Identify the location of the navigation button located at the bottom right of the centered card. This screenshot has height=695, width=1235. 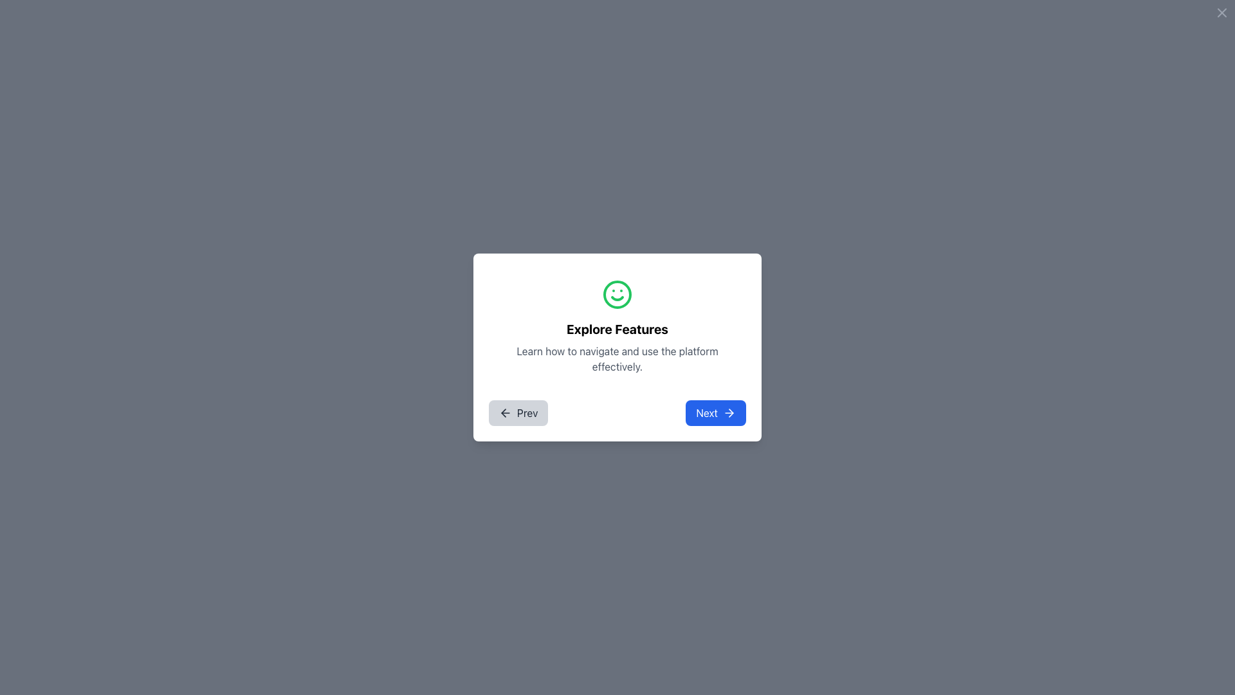
(715, 412).